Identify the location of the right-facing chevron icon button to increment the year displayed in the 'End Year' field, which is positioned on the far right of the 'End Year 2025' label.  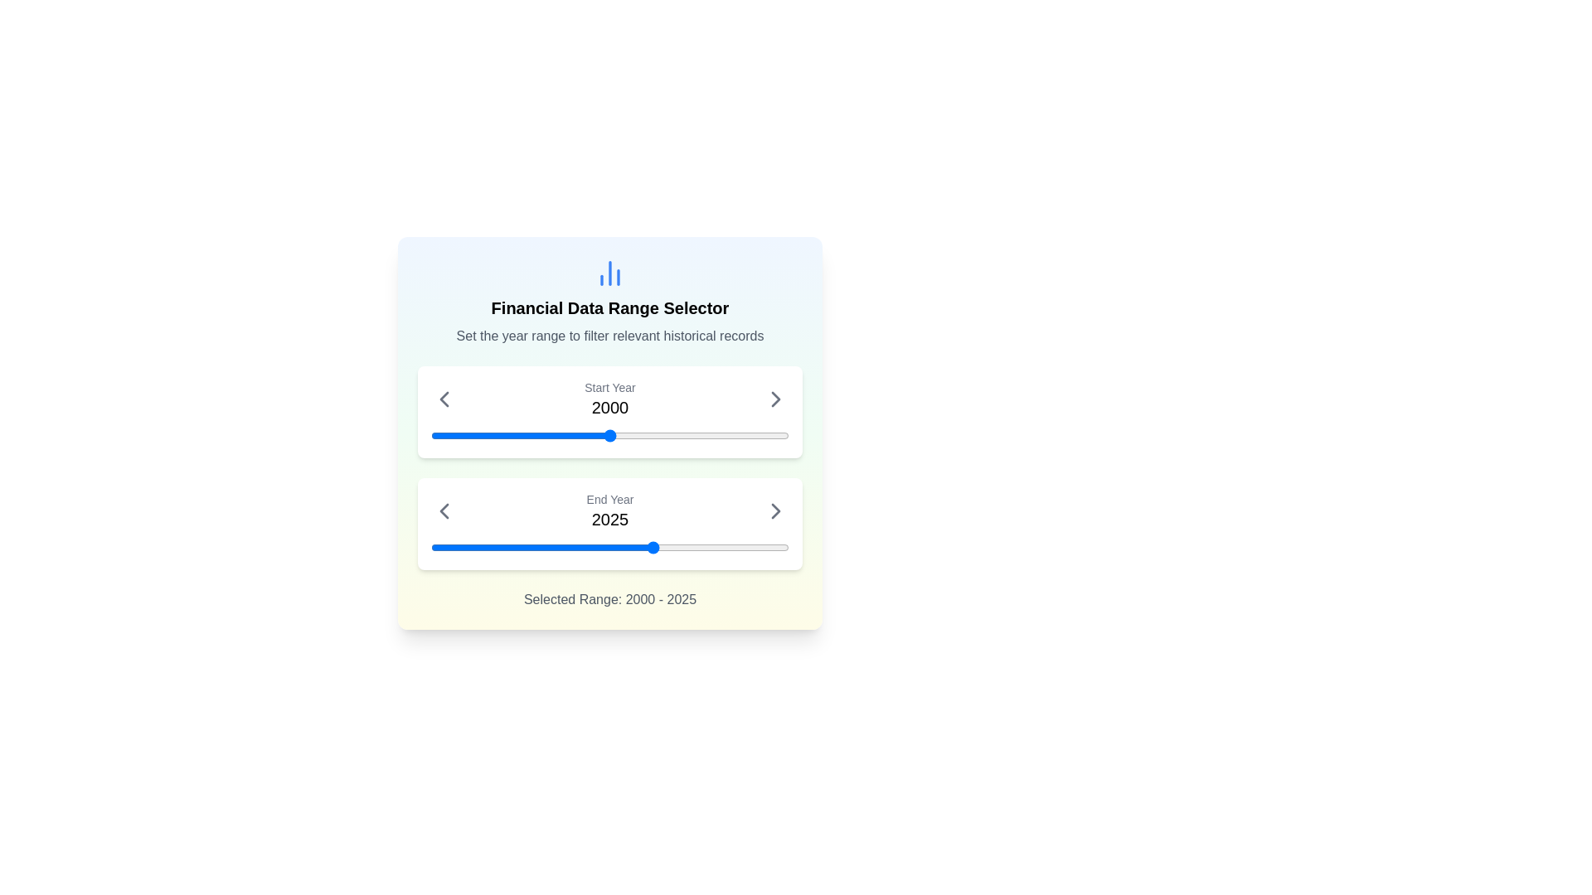
(775, 510).